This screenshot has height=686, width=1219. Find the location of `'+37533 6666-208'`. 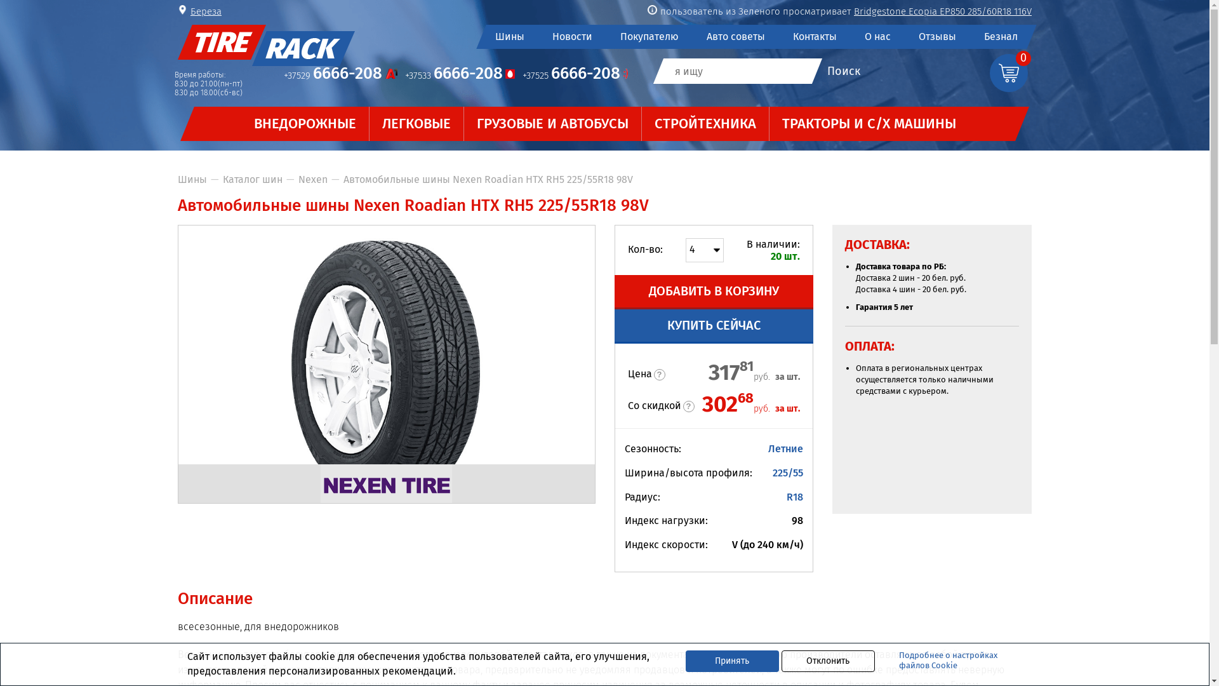

'+37533 6666-208' is located at coordinates (404, 75).